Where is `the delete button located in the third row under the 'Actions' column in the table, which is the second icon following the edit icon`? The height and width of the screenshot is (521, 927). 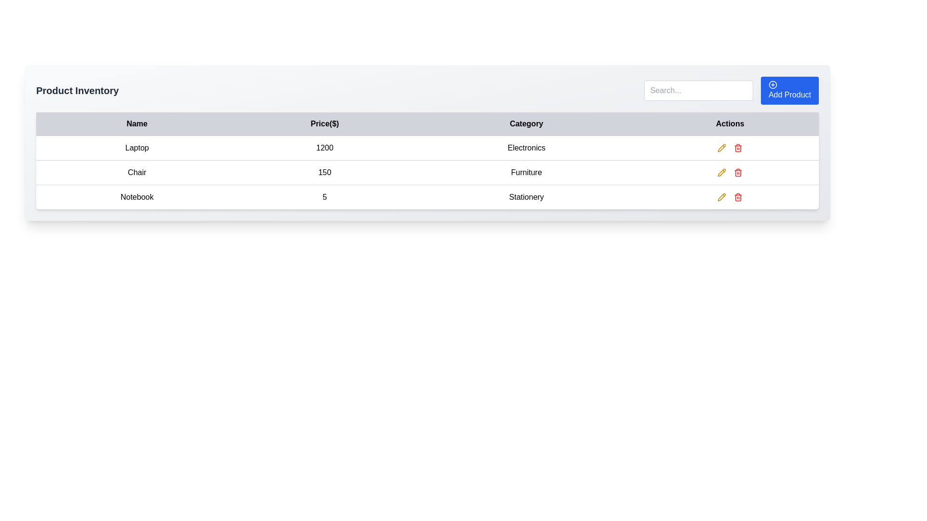 the delete button located in the third row under the 'Actions' column in the table, which is the second icon following the edit icon is located at coordinates (738, 196).